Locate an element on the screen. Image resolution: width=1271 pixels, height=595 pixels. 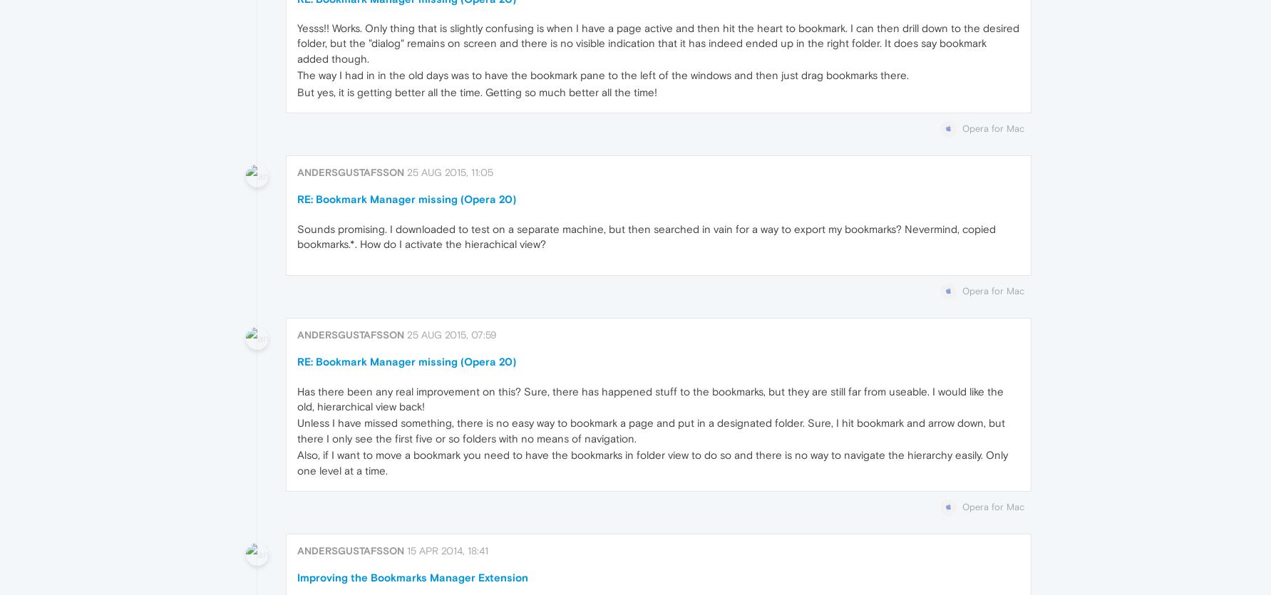
'Also, if I want to move a bookmark you need to have the bookmarks in folder view to do so and there is no way to navigate the hierarchy easily. Only one level at a time.' is located at coordinates (651, 461).